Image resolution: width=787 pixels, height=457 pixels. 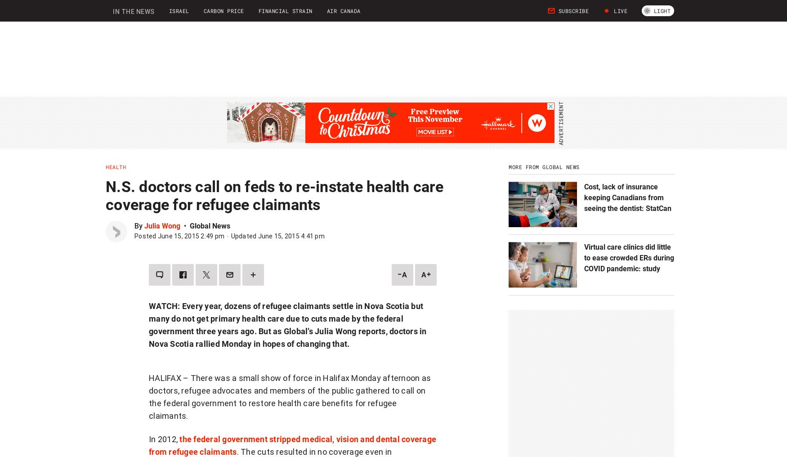 What do you see at coordinates (260, 15) in the screenshot?
I see `'Podcasts'` at bounding box center [260, 15].